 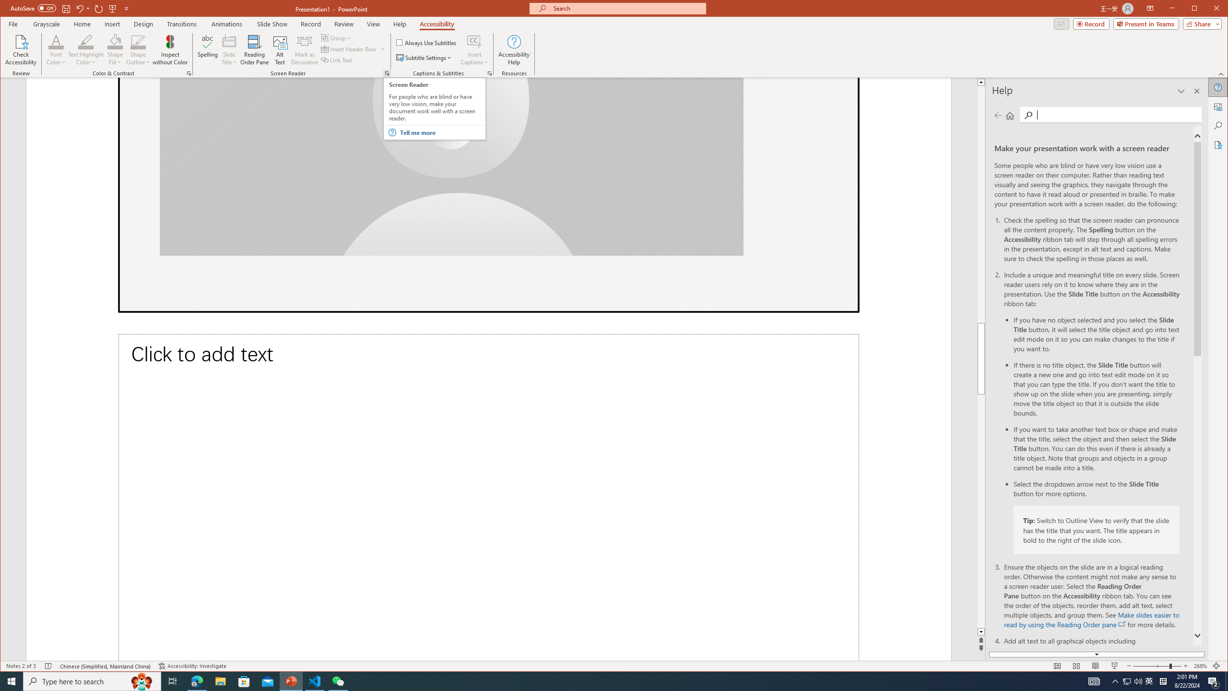 I want to click on 'Search highlights icon opens search home window', so click(x=141, y=680).